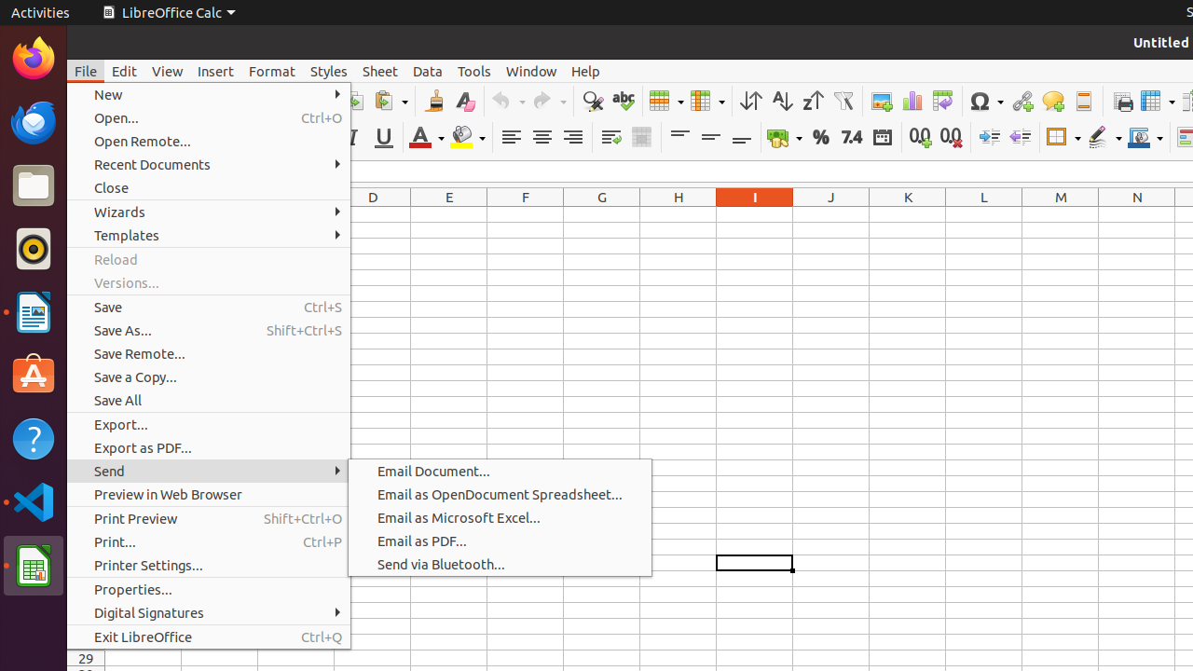  I want to click on 'Styles', so click(329, 70).